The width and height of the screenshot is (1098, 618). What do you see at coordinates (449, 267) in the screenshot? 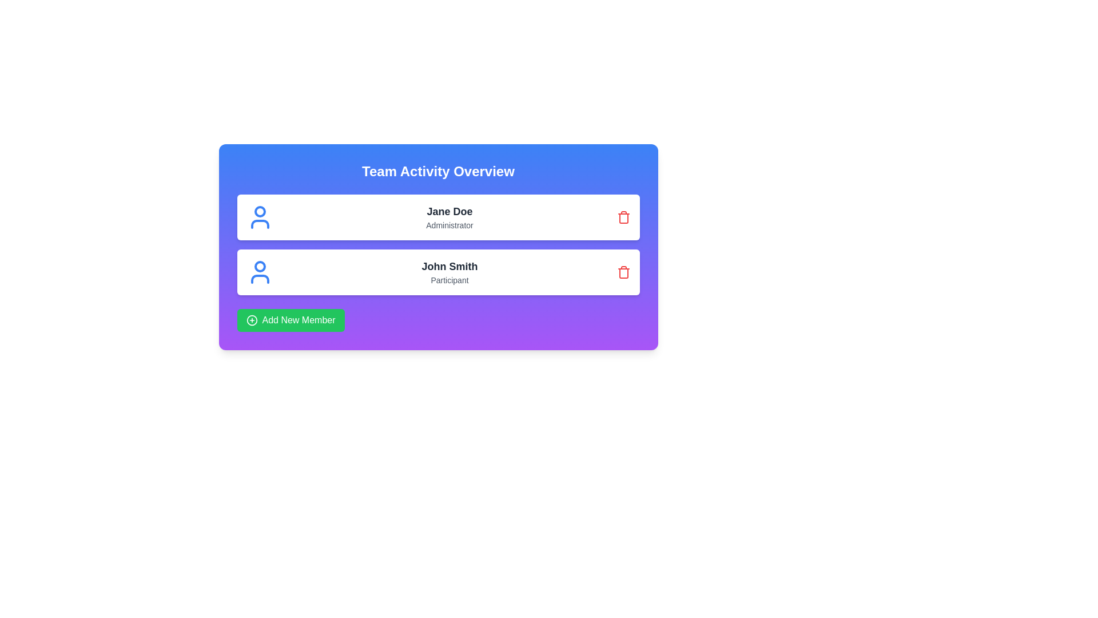
I see `the text label element displaying 'John Smith', which is styled with a larger font size and bold weight, located in the center-right portion of the card above the text 'Participant'` at bounding box center [449, 267].